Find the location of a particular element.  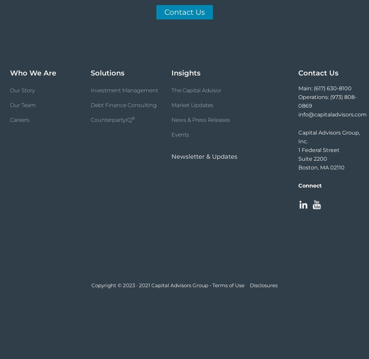

'Main: (617) 630-8100' is located at coordinates (324, 88).